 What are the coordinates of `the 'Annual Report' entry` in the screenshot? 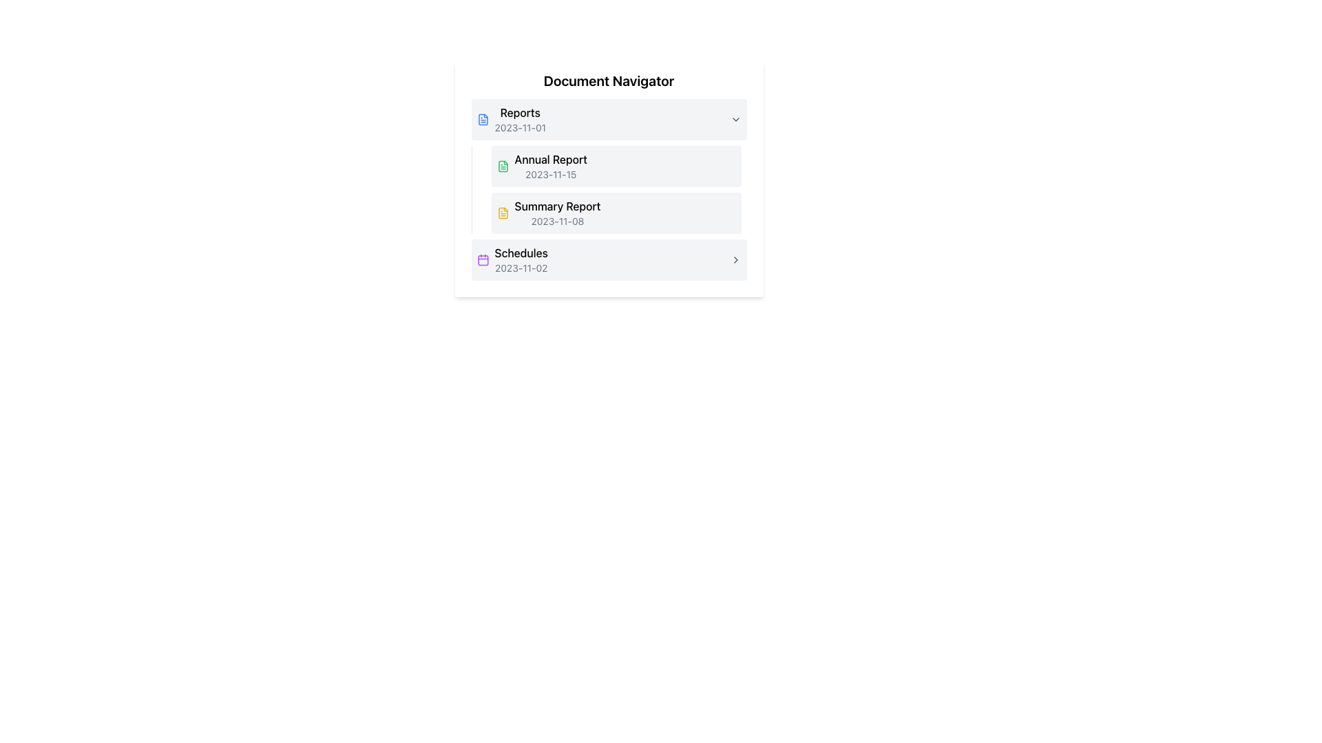 It's located at (608, 166).